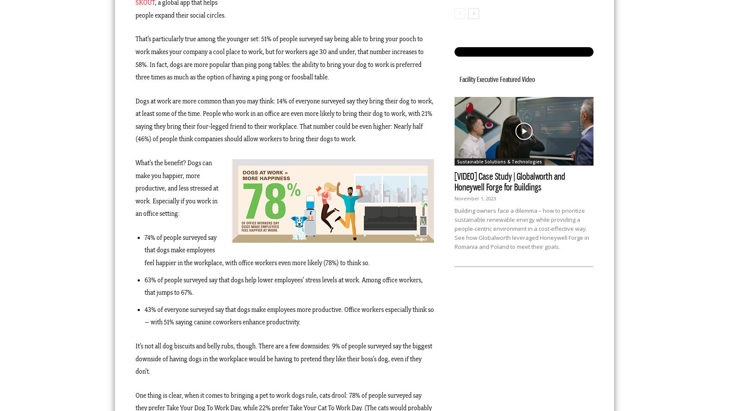  What do you see at coordinates (460, 79) in the screenshot?
I see `'Facility Executive Featured Video'` at bounding box center [460, 79].